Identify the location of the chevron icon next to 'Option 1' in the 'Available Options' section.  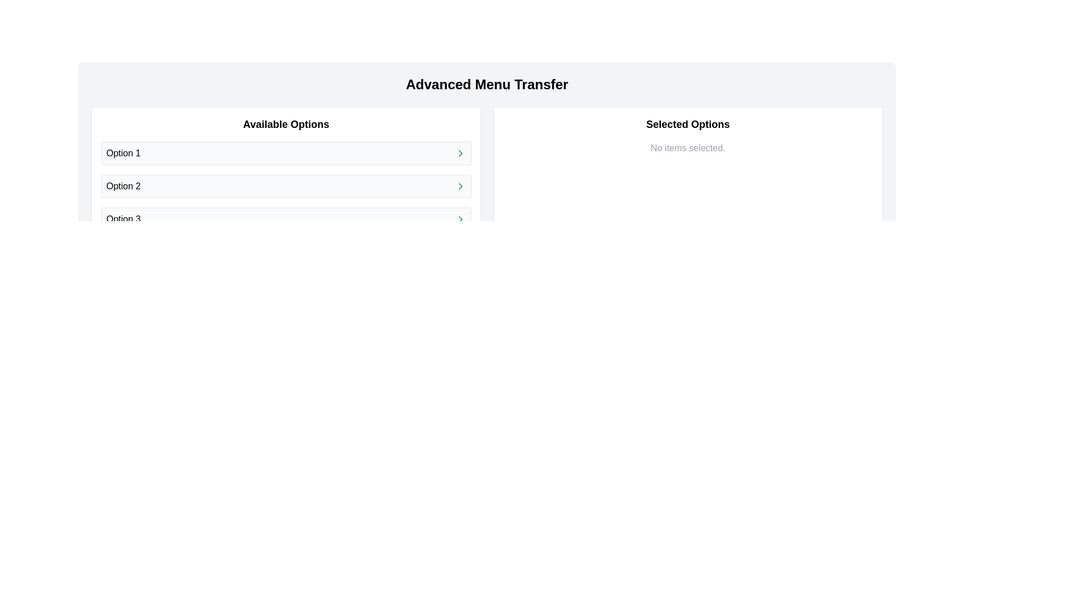
(460, 153).